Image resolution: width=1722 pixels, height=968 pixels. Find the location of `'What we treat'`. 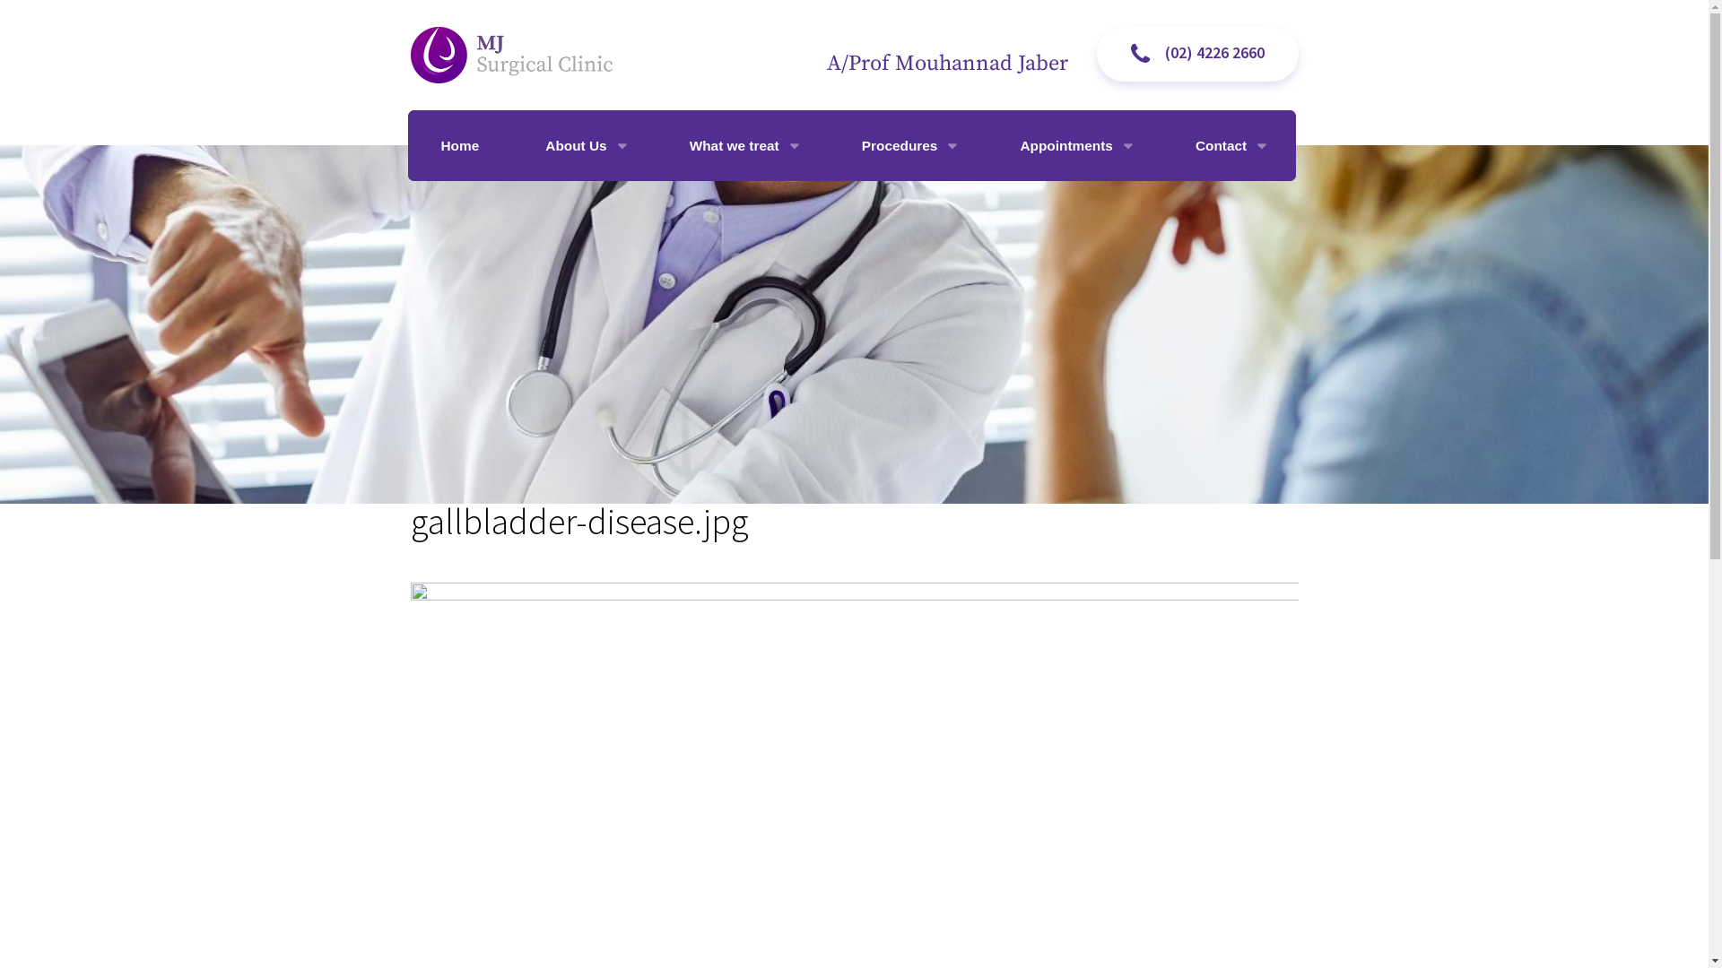

'What we treat' is located at coordinates (743, 144).